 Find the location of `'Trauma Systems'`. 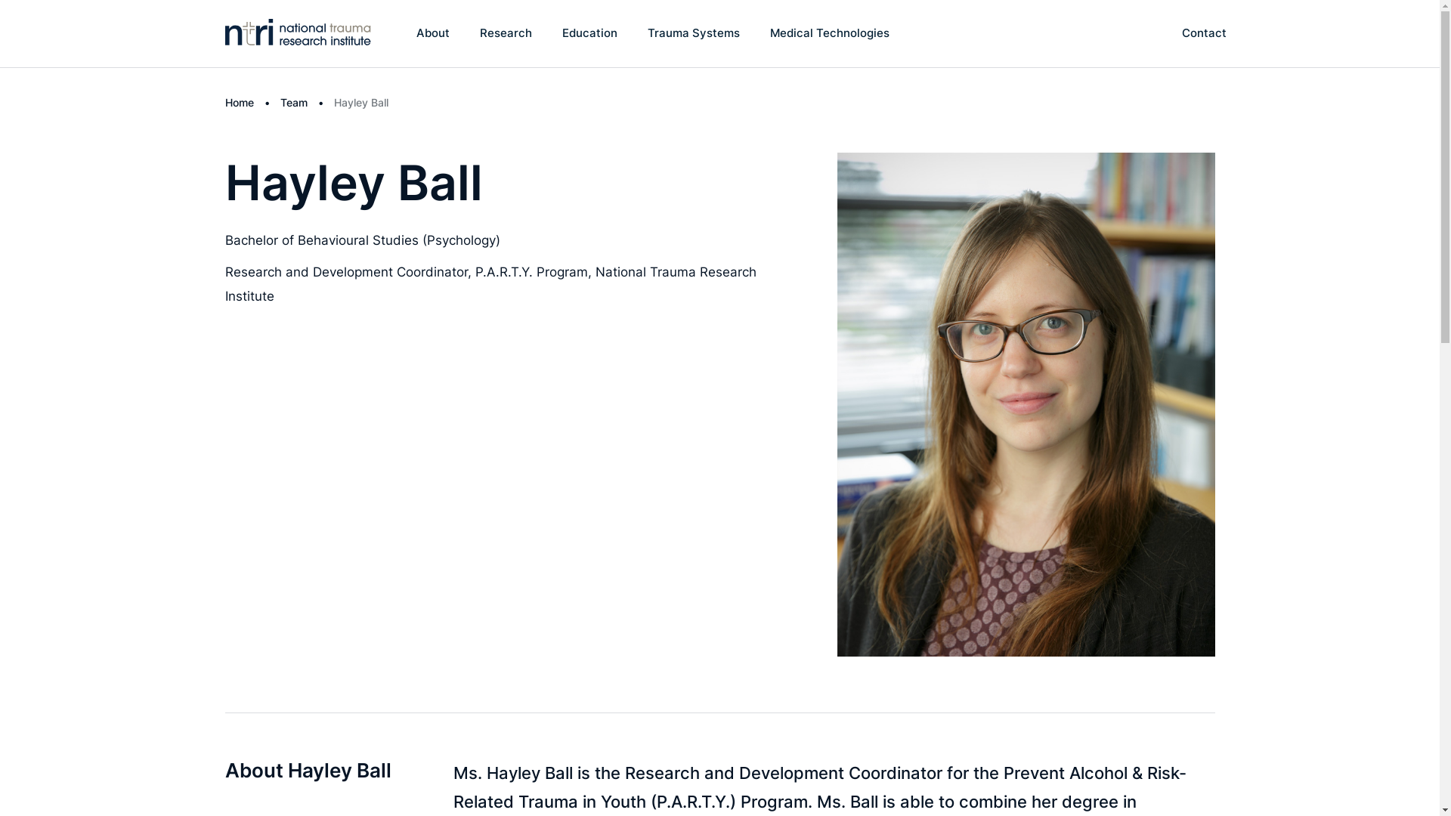

'Trauma Systems' is located at coordinates (648, 32).